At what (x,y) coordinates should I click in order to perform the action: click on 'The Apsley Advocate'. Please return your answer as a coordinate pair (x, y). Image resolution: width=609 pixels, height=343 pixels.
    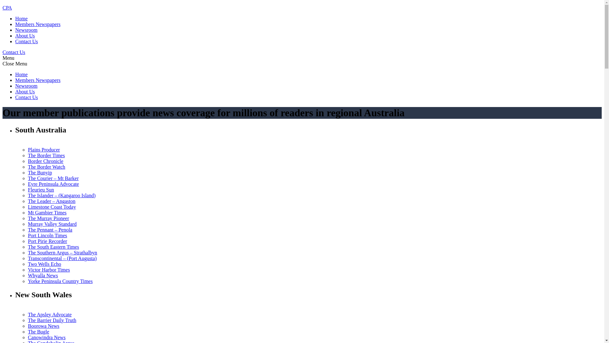
    Looking at the image, I should click on (49, 314).